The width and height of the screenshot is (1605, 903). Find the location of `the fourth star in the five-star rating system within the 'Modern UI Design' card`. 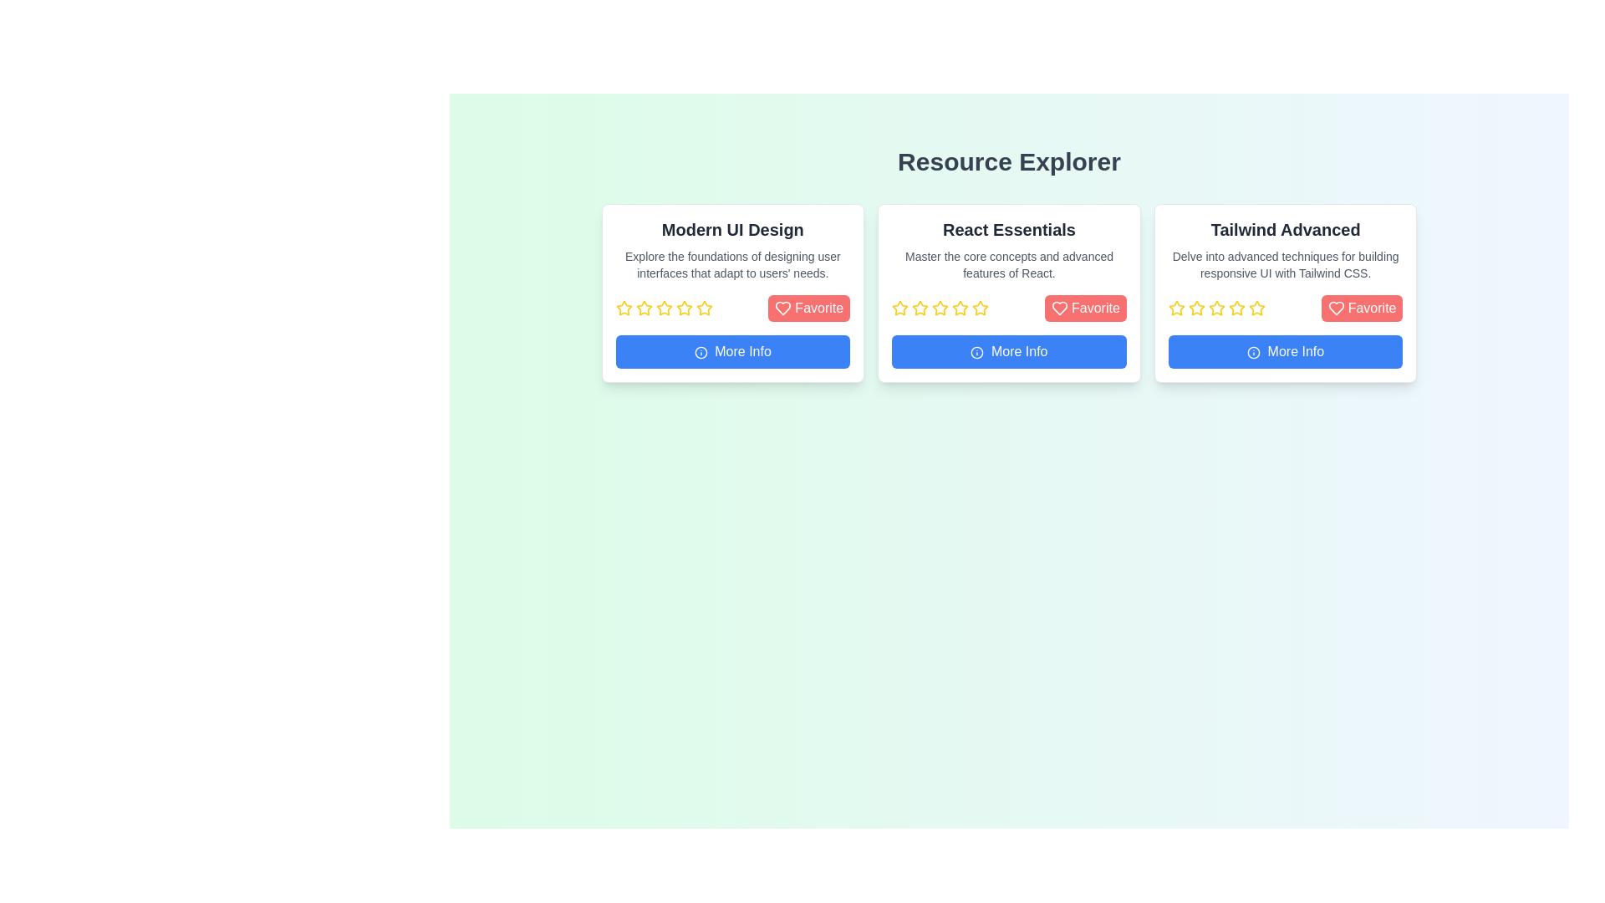

the fourth star in the five-star rating system within the 'Modern UI Design' card is located at coordinates (684, 308).